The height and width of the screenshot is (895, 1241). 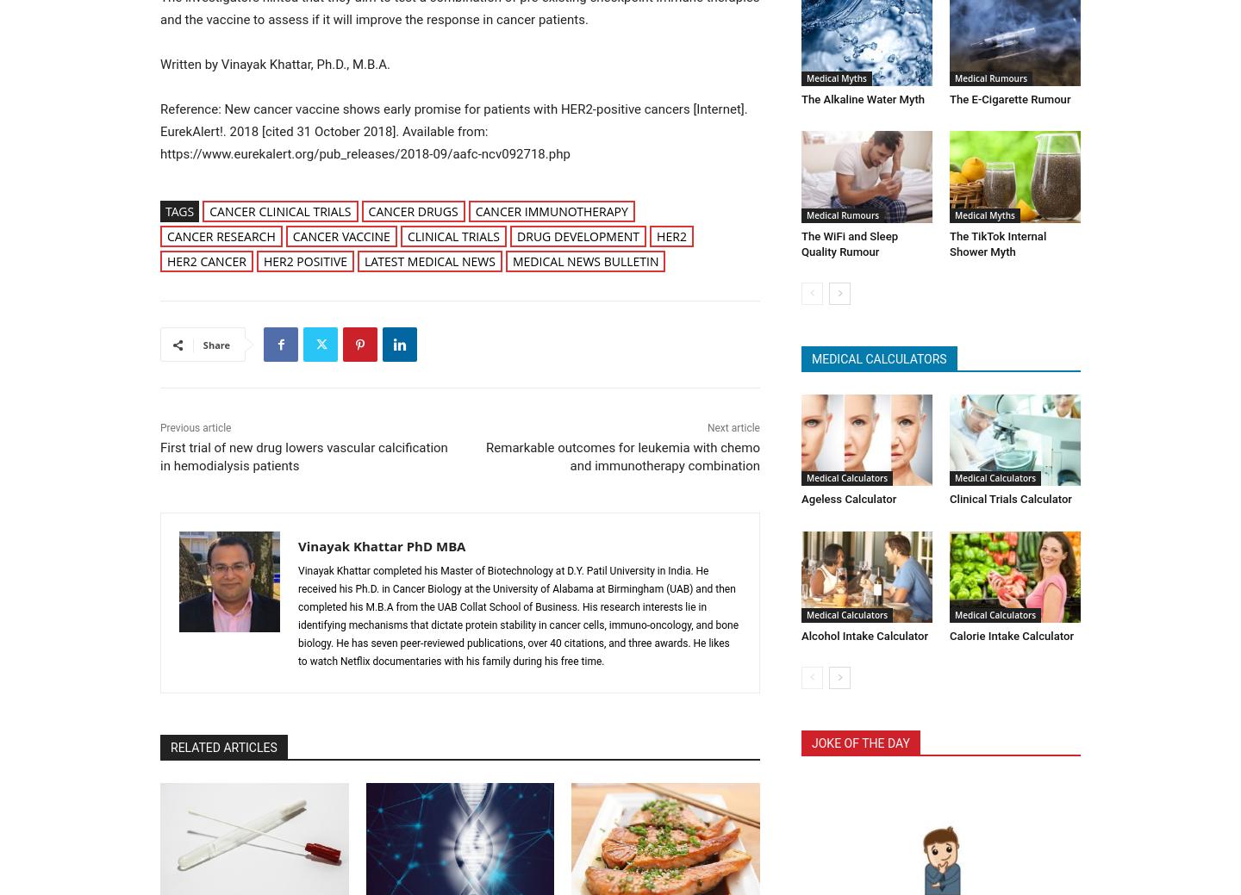 I want to click on 'cancer vaccine', so click(x=291, y=236).